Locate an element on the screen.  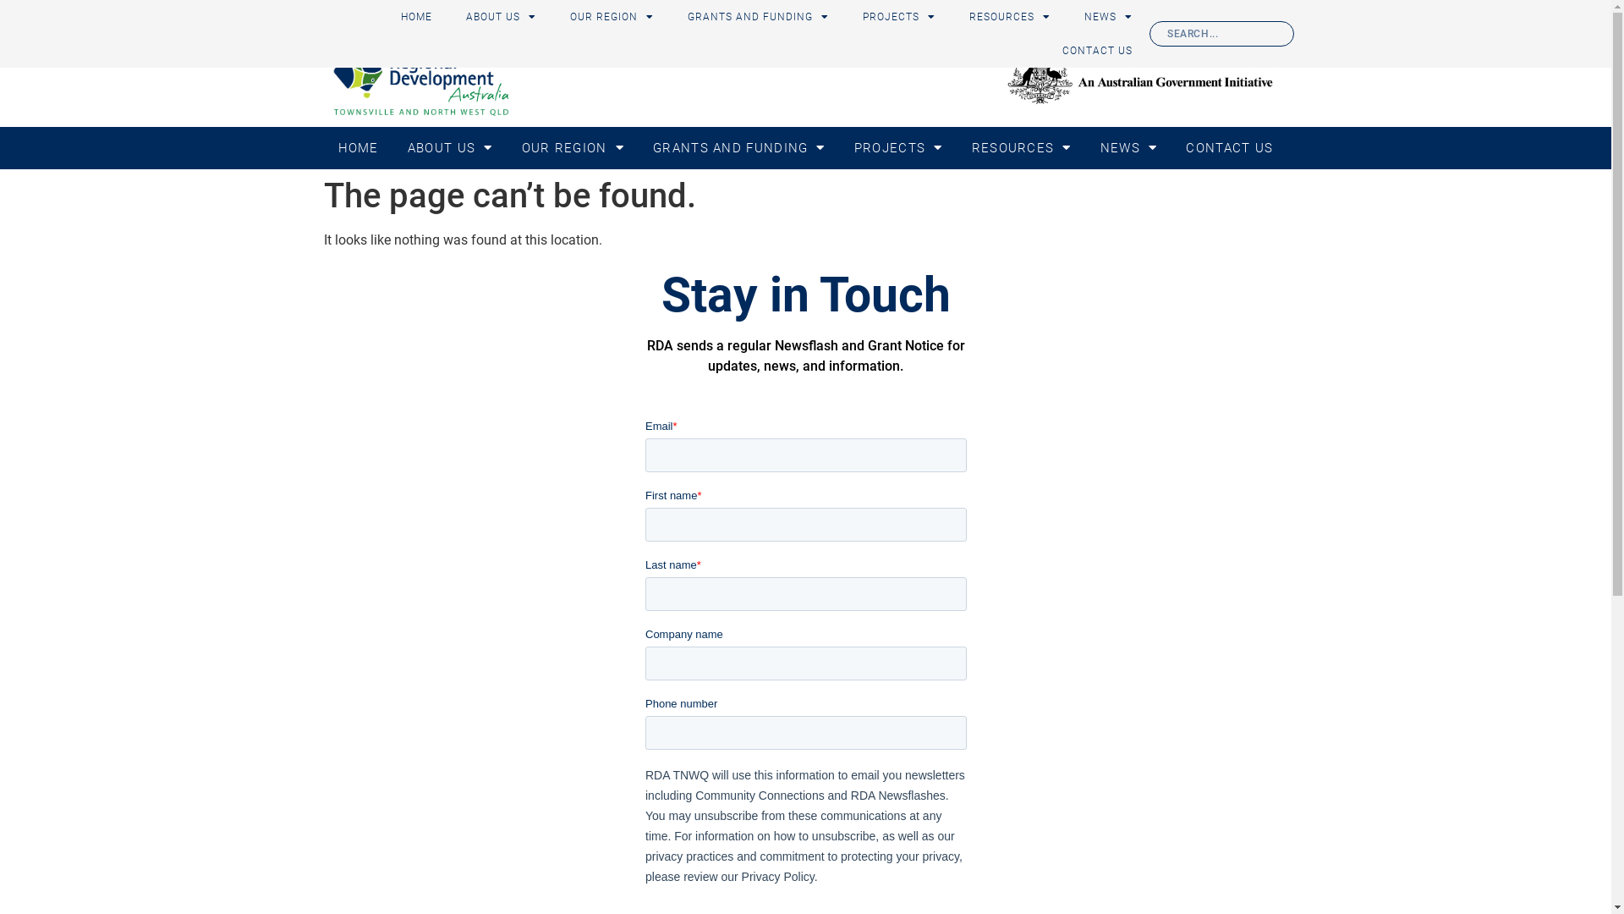
'GRANTS AND FUNDING' is located at coordinates (738, 146).